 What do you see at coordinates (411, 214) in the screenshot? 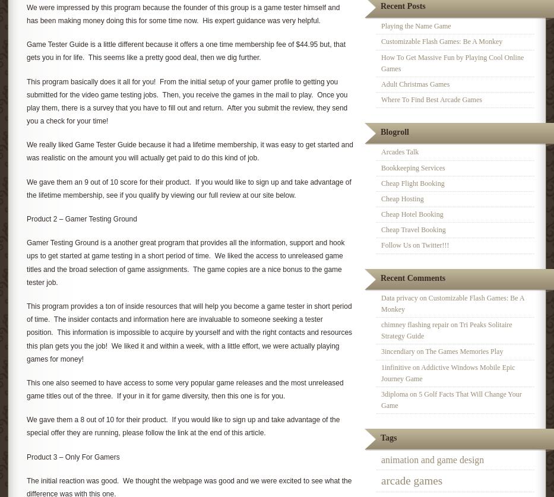
I see `'Cheap Hotel Booking'` at bounding box center [411, 214].